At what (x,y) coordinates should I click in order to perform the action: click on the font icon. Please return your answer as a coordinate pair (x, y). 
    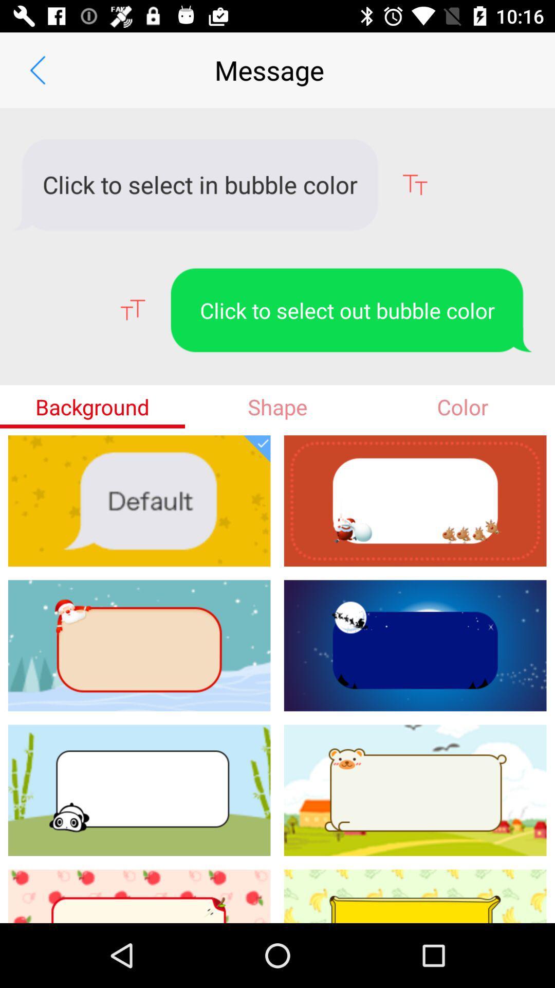
    Looking at the image, I should click on (132, 309).